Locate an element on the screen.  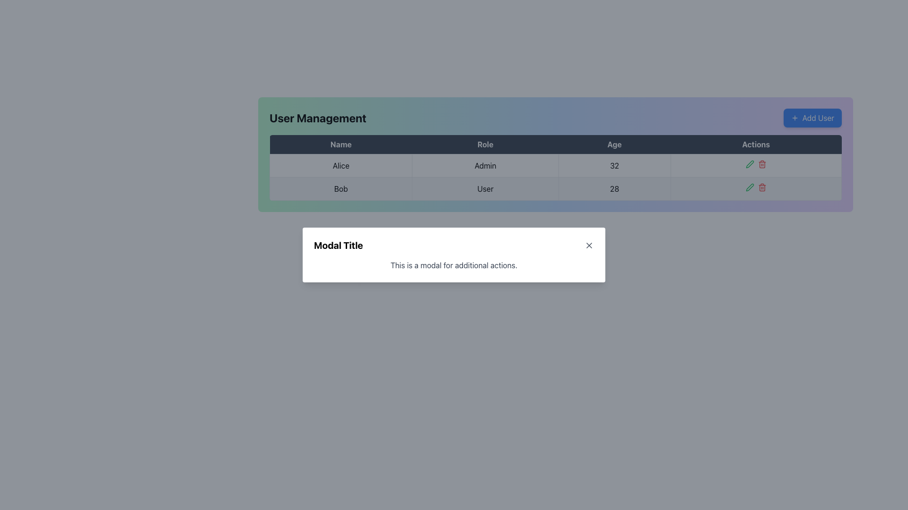
the button located at the top-right side of the 'User Management' panel is located at coordinates (812, 118).